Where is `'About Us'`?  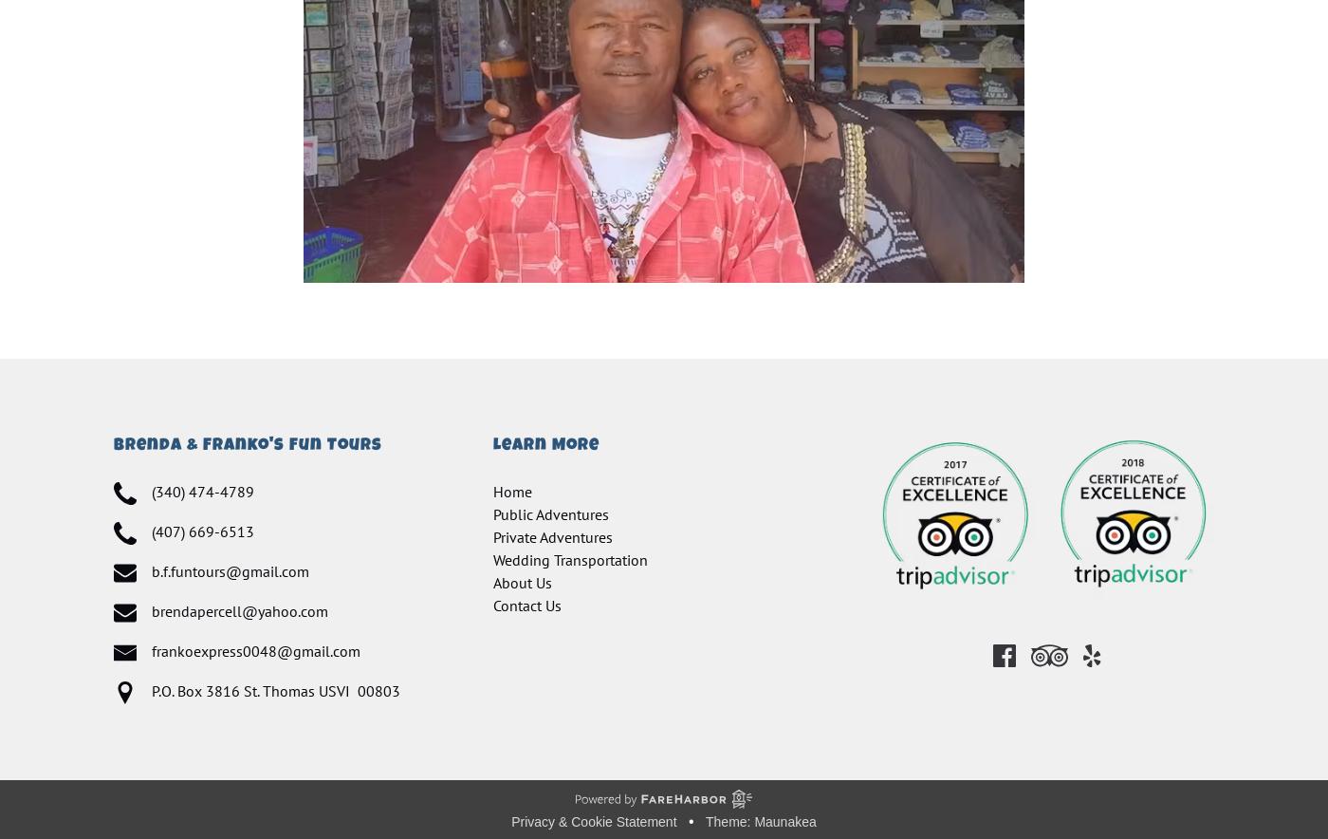 'About Us' is located at coordinates (523, 583).